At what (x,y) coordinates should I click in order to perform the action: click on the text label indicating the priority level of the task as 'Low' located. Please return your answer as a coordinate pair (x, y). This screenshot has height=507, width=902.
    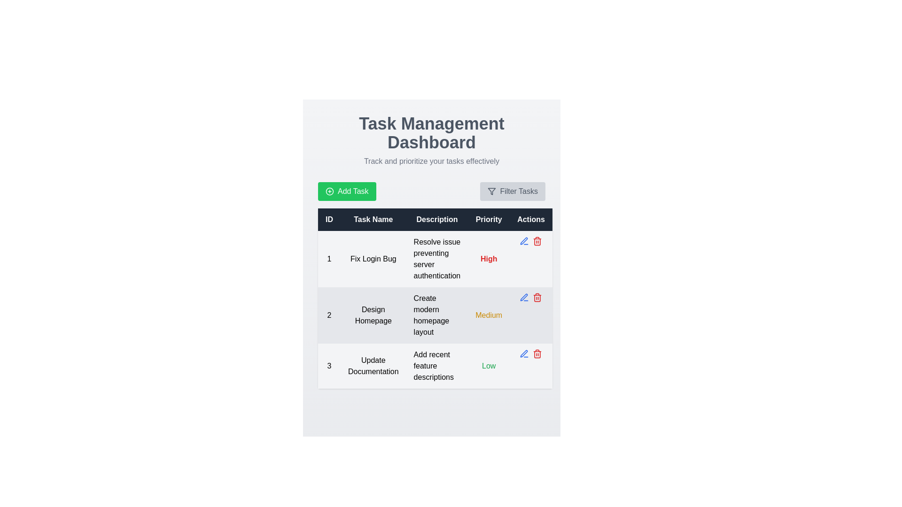
    Looking at the image, I should click on (489, 365).